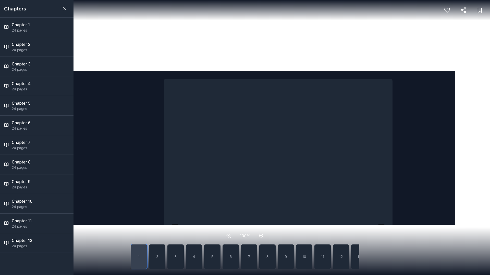 This screenshot has width=490, height=275. Describe the element at coordinates (447, 10) in the screenshot. I see `the heart-shaped icon located at the top-right corner of the user interface, which symbolizes a favorite or like functionality` at that location.